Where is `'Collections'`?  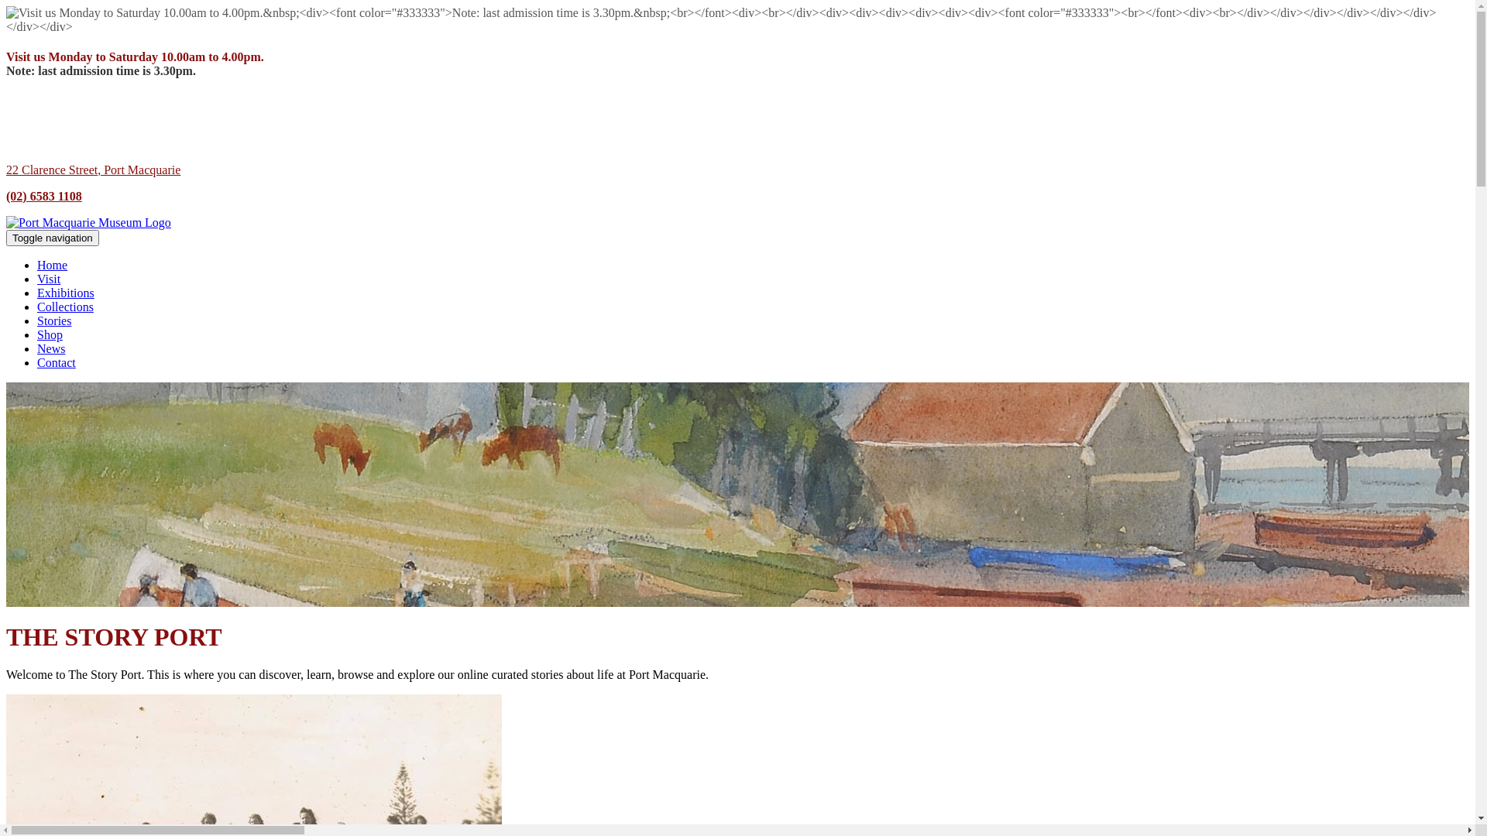
'Collections' is located at coordinates (64, 307).